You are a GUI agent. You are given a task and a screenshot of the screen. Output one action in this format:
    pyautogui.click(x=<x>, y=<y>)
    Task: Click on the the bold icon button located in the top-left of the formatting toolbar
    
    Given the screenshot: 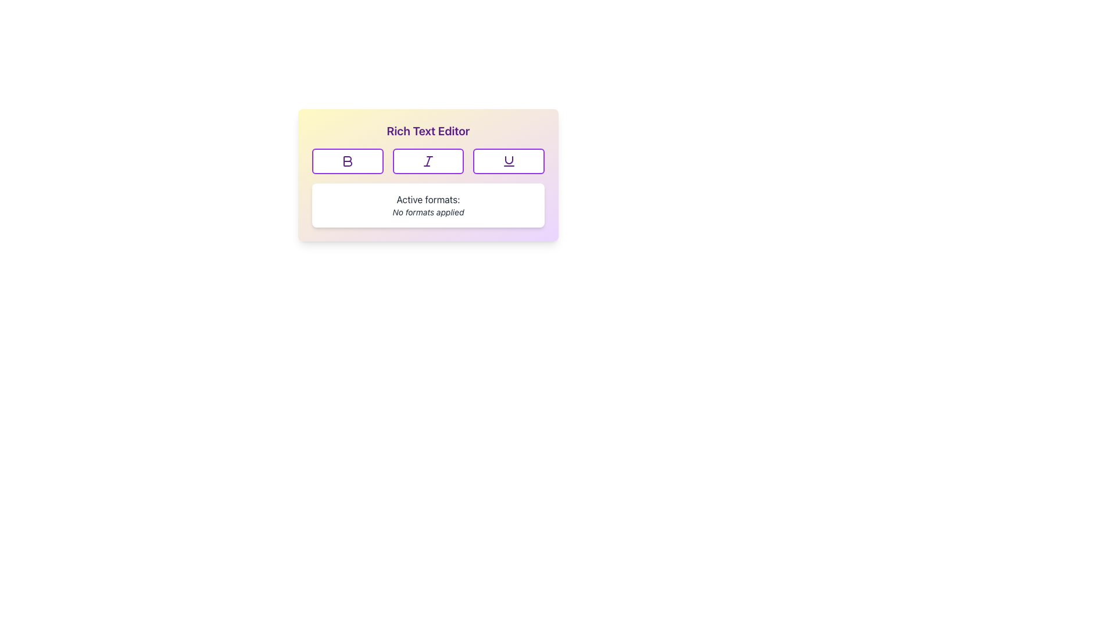 What is the action you would take?
    pyautogui.click(x=347, y=161)
    